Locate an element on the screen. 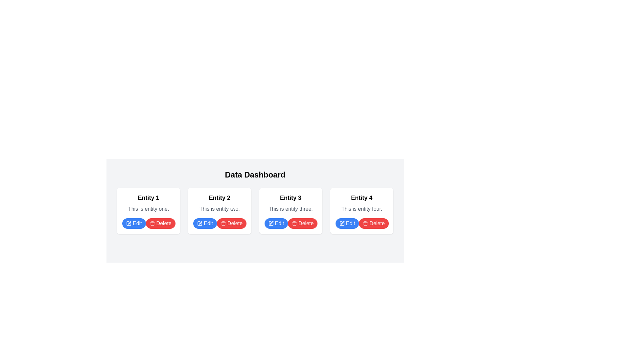 The image size is (631, 355). the delete button icon located at the bottom of the card titled 'Entity 1' is located at coordinates (152, 223).